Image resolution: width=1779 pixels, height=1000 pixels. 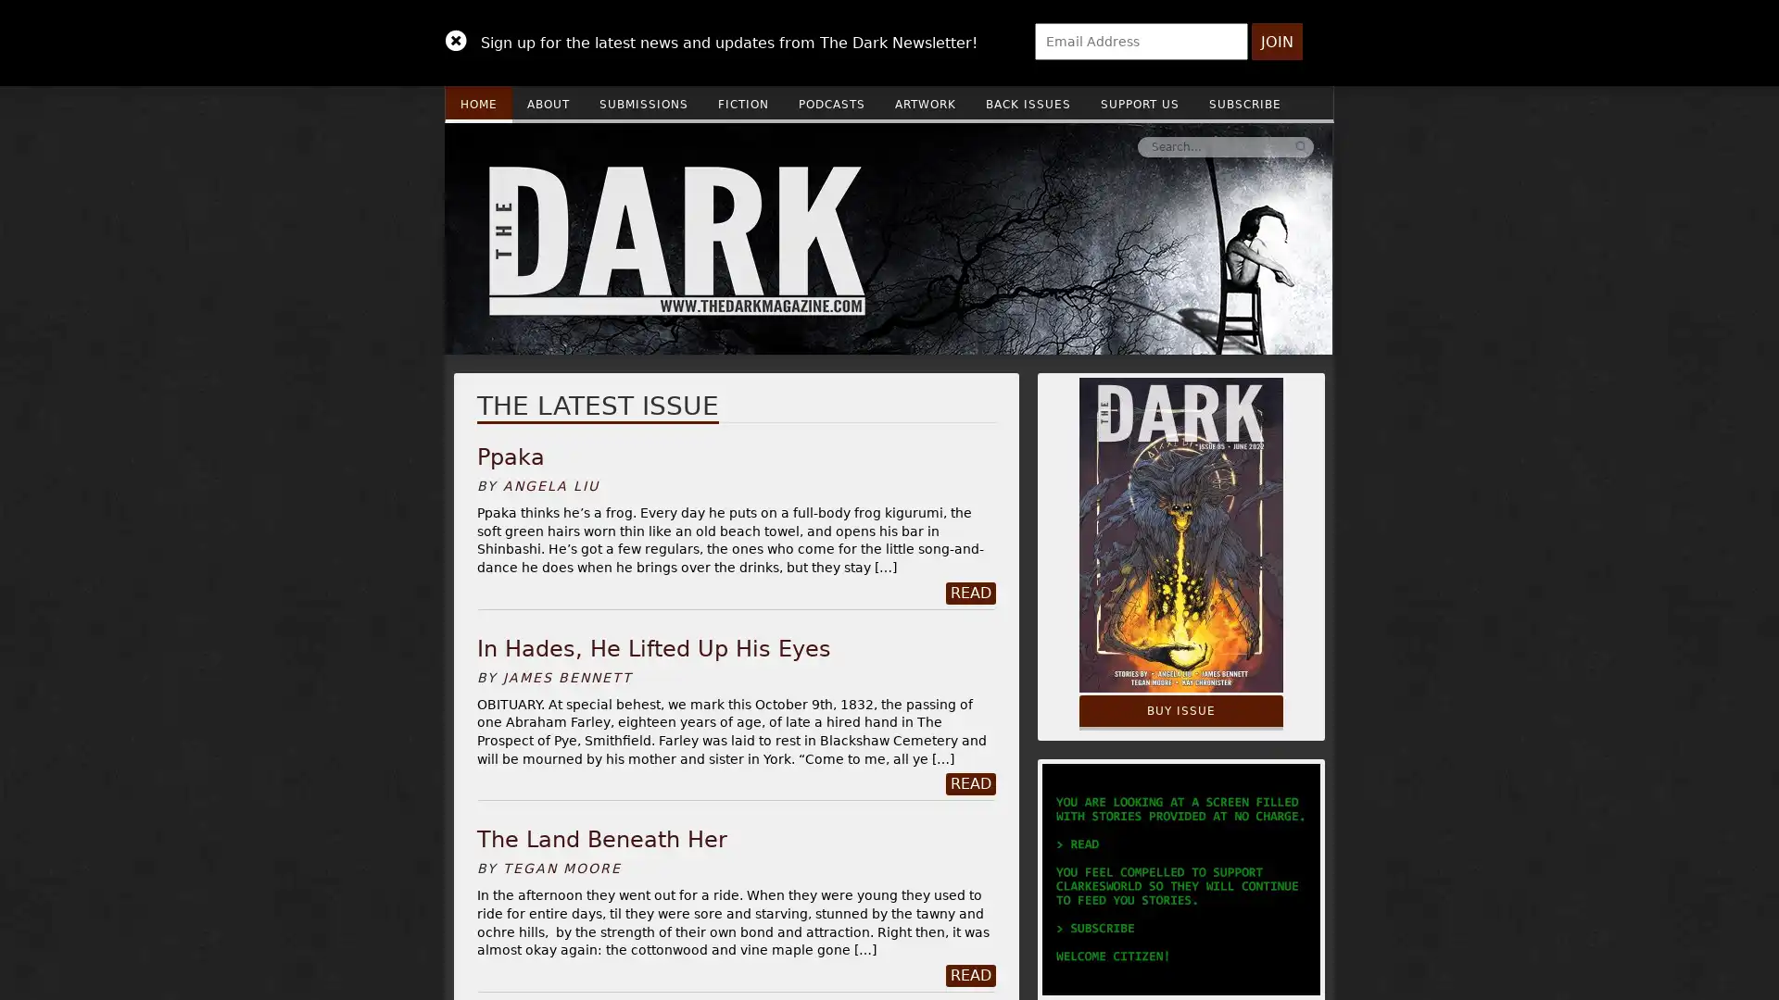 What do you see at coordinates (1022, 145) in the screenshot?
I see `Search` at bounding box center [1022, 145].